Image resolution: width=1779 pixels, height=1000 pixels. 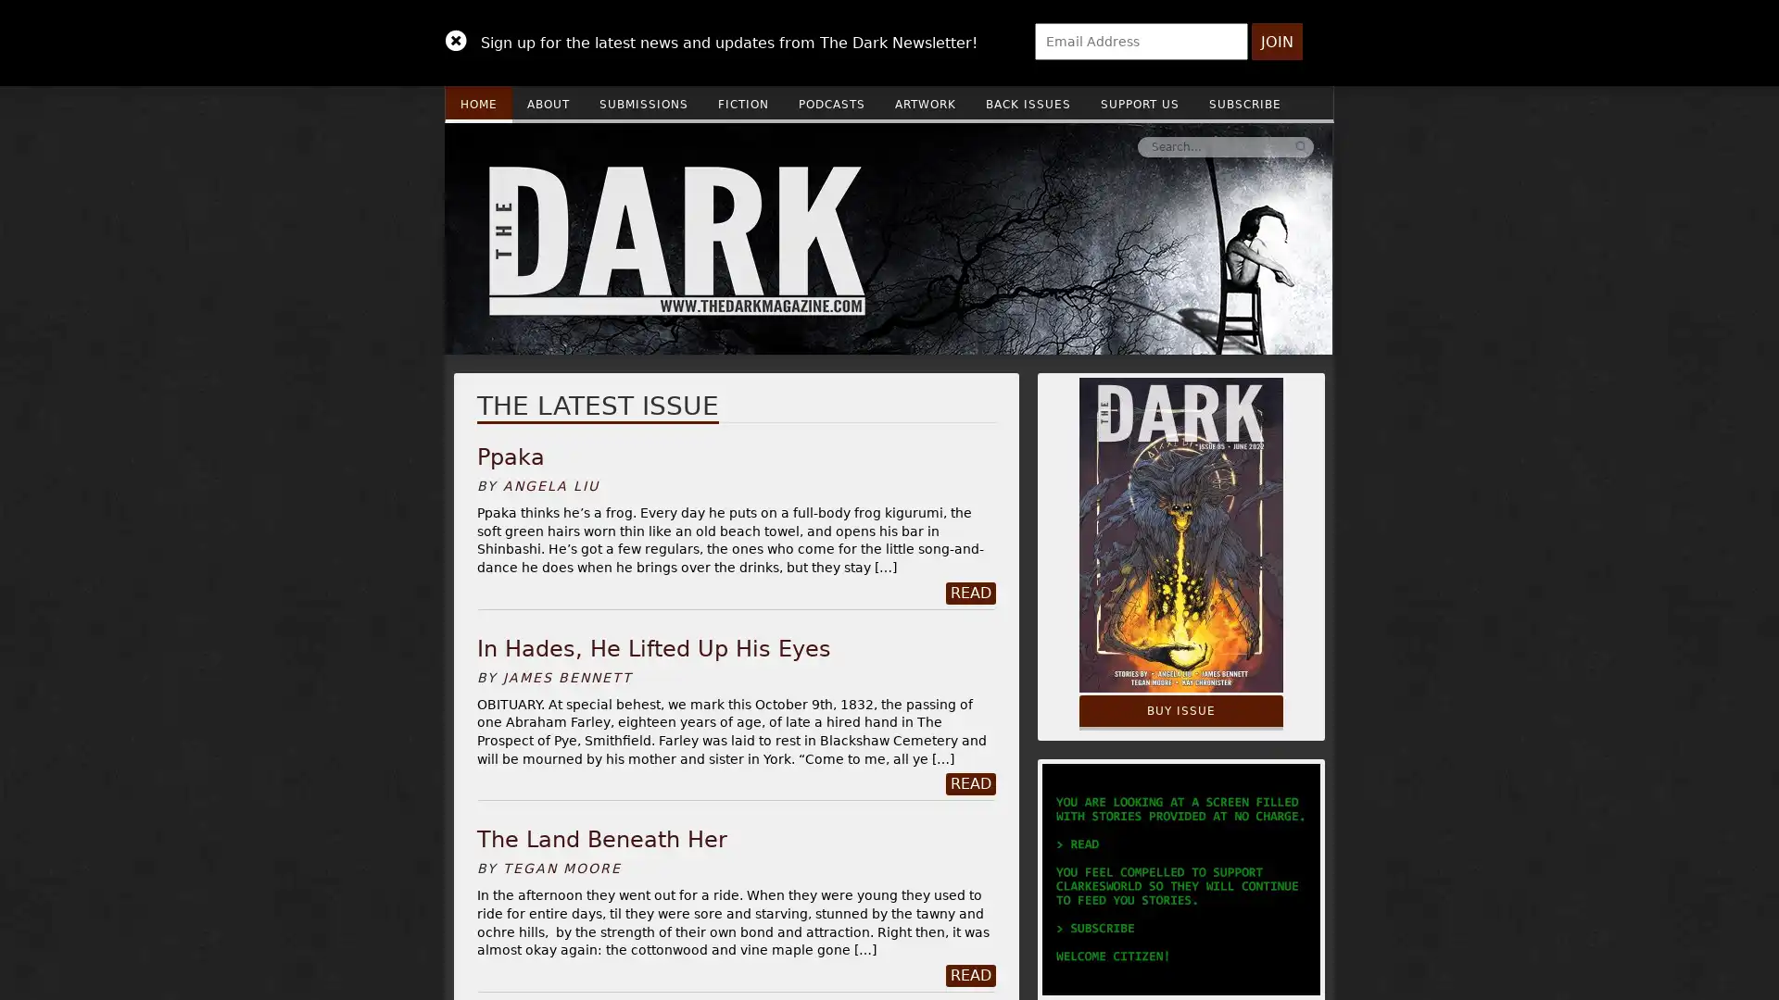 What do you see at coordinates (1022, 145) in the screenshot?
I see `Search` at bounding box center [1022, 145].